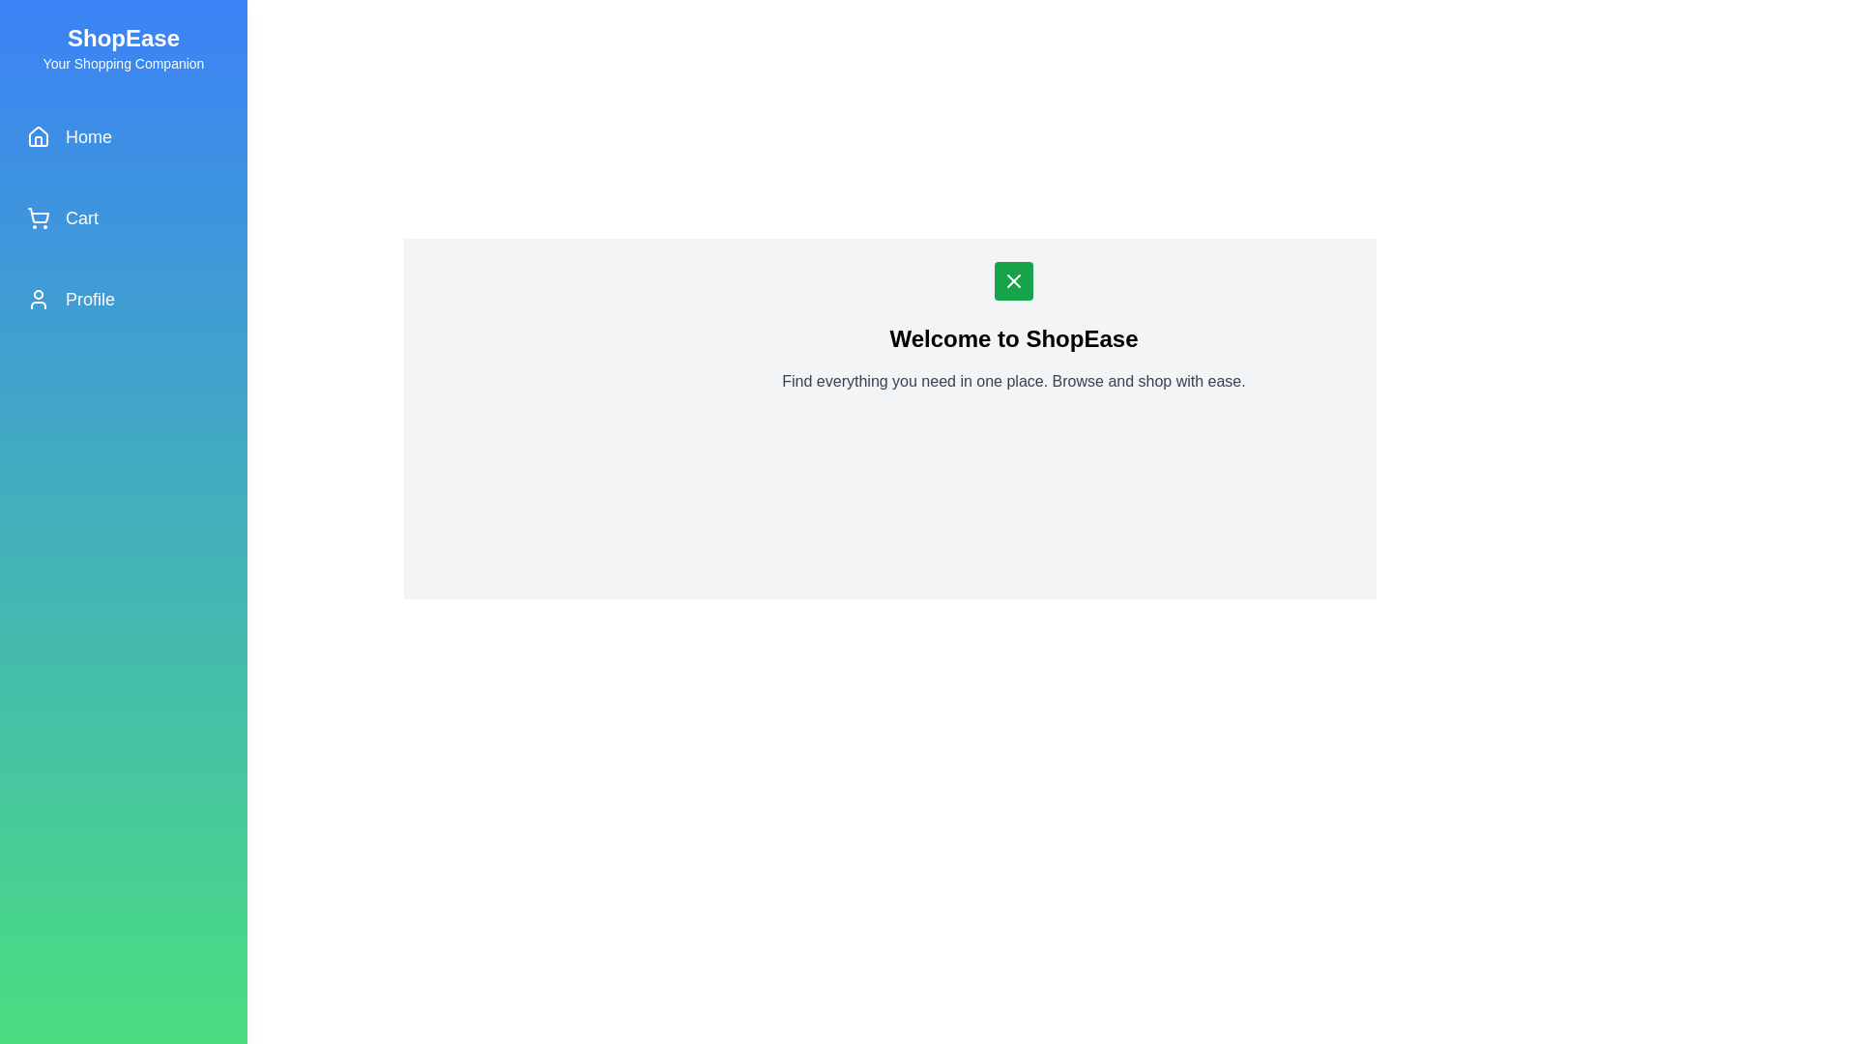 The image size is (1856, 1044). Describe the element at coordinates (123, 38) in the screenshot. I see `the 'ShopEase' text label, which is prominently displayed in a bold and large font at the top-left of the sidebar with a gradient blue-green background` at that location.